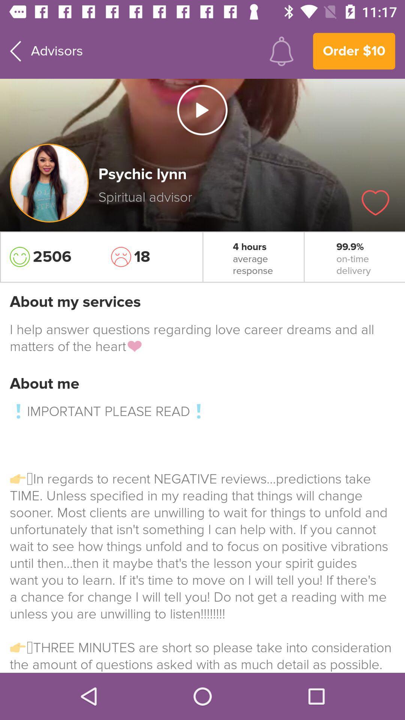 The height and width of the screenshot is (720, 405). I want to click on the 18 icon, so click(152, 257).